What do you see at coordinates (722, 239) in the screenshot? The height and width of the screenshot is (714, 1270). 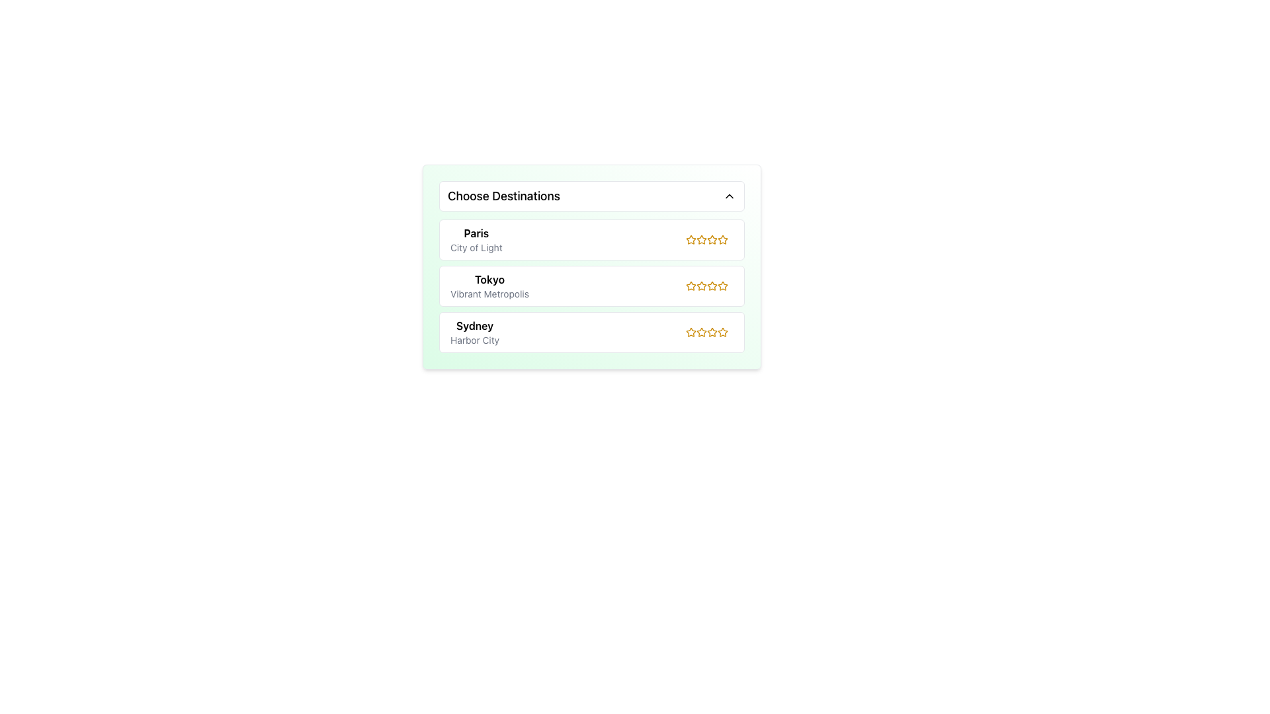 I see `the sixth star-shaped rating icon with a golden-yellow outline to rate the 'Paris' entry` at bounding box center [722, 239].